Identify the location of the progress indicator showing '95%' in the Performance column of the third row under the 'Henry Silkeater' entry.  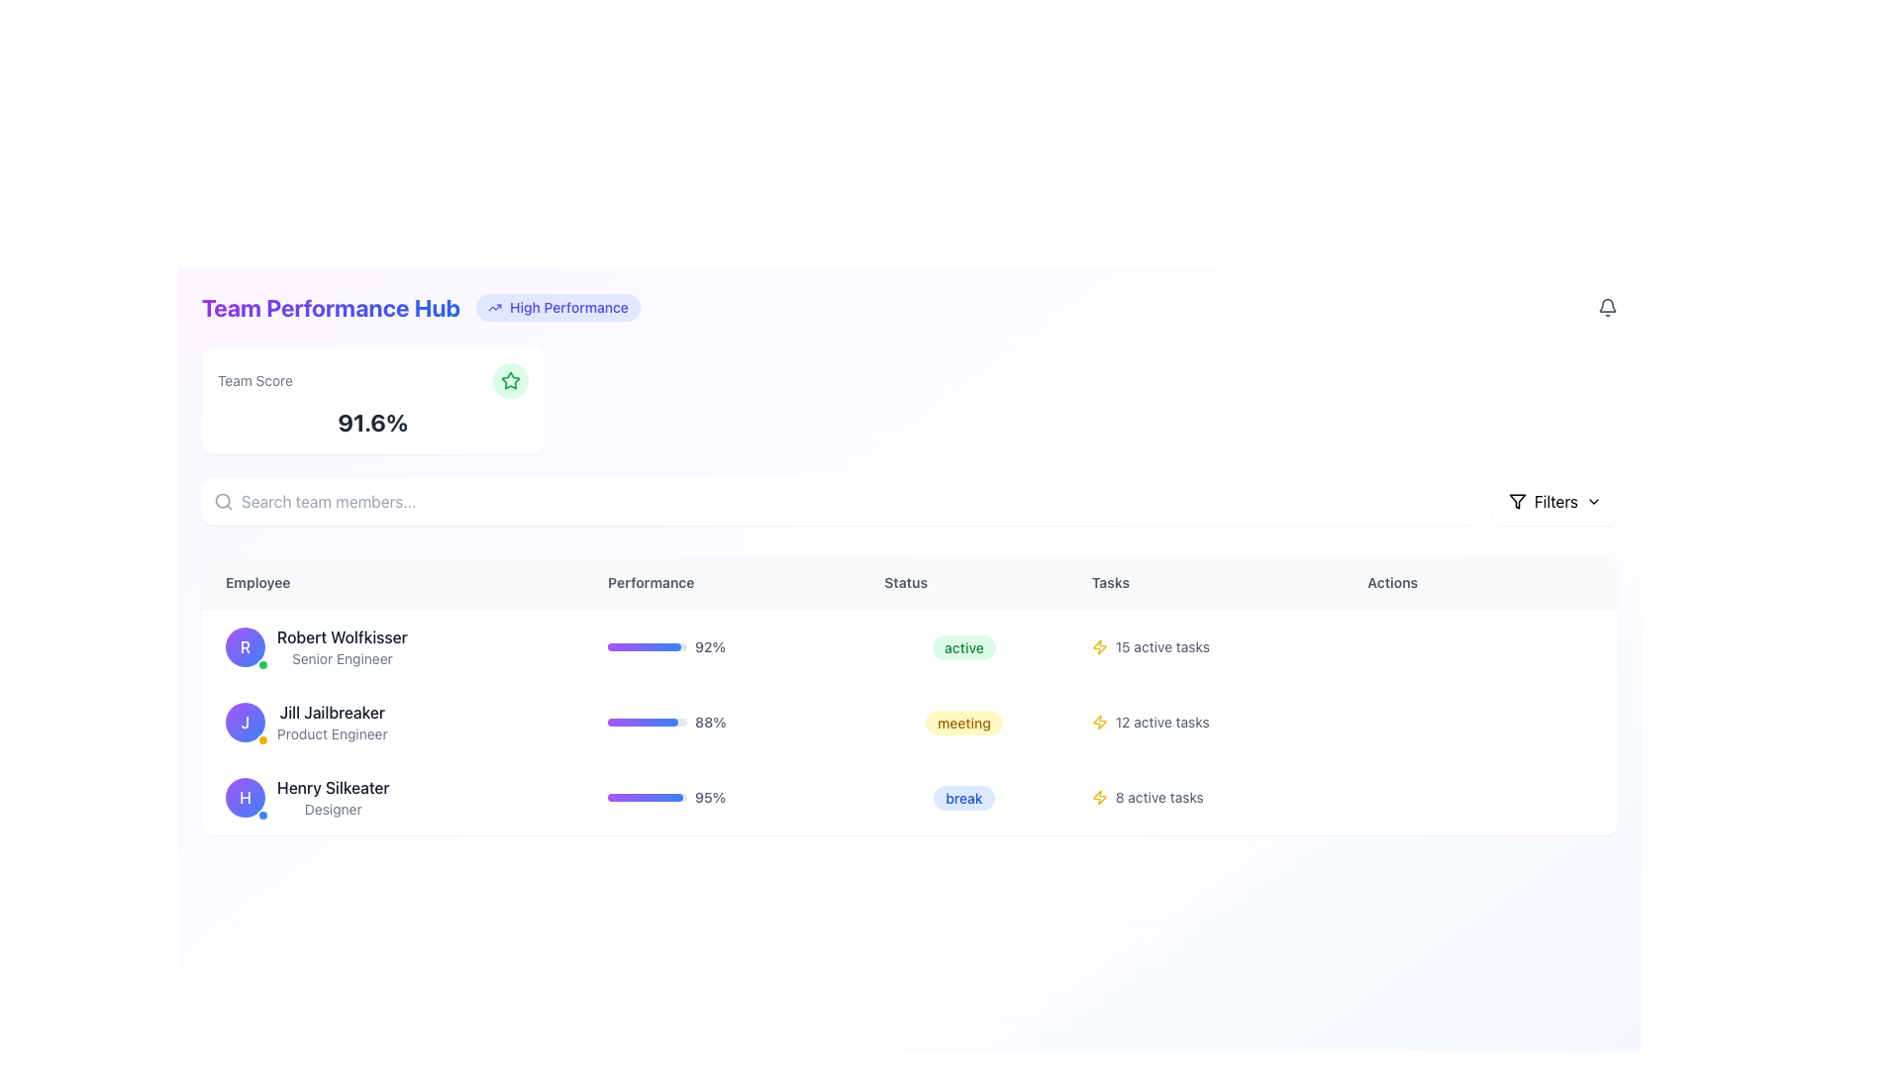
(721, 797).